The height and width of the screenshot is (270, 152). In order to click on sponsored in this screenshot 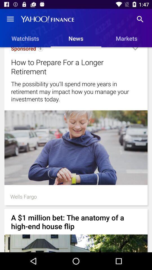, I will do `click(23, 49)`.